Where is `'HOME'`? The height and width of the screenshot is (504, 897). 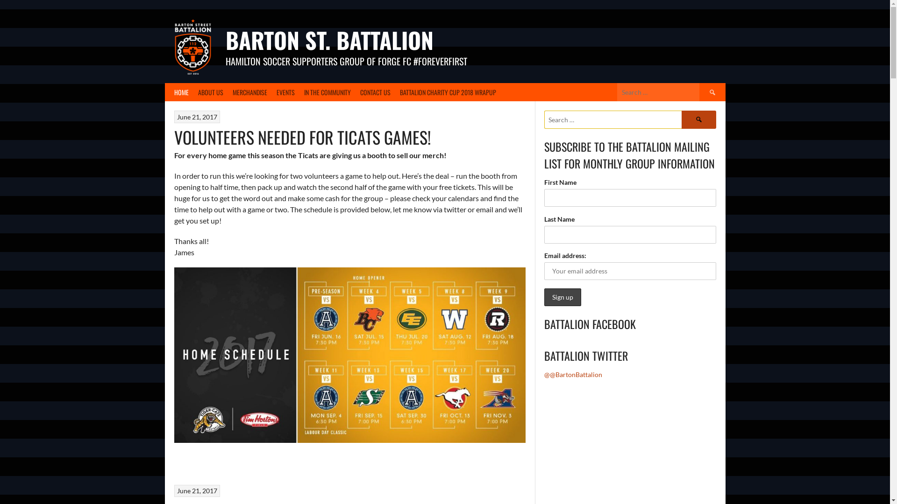 'HOME' is located at coordinates (181, 92).